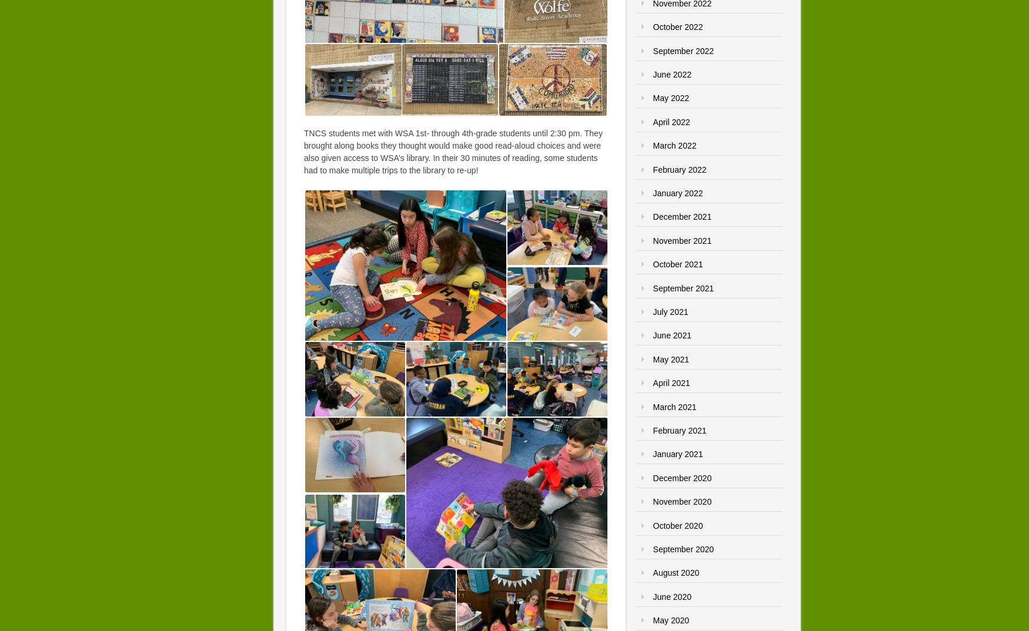 The width and height of the screenshot is (1029, 631). I want to click on 'September 2021', so click(683, 287).